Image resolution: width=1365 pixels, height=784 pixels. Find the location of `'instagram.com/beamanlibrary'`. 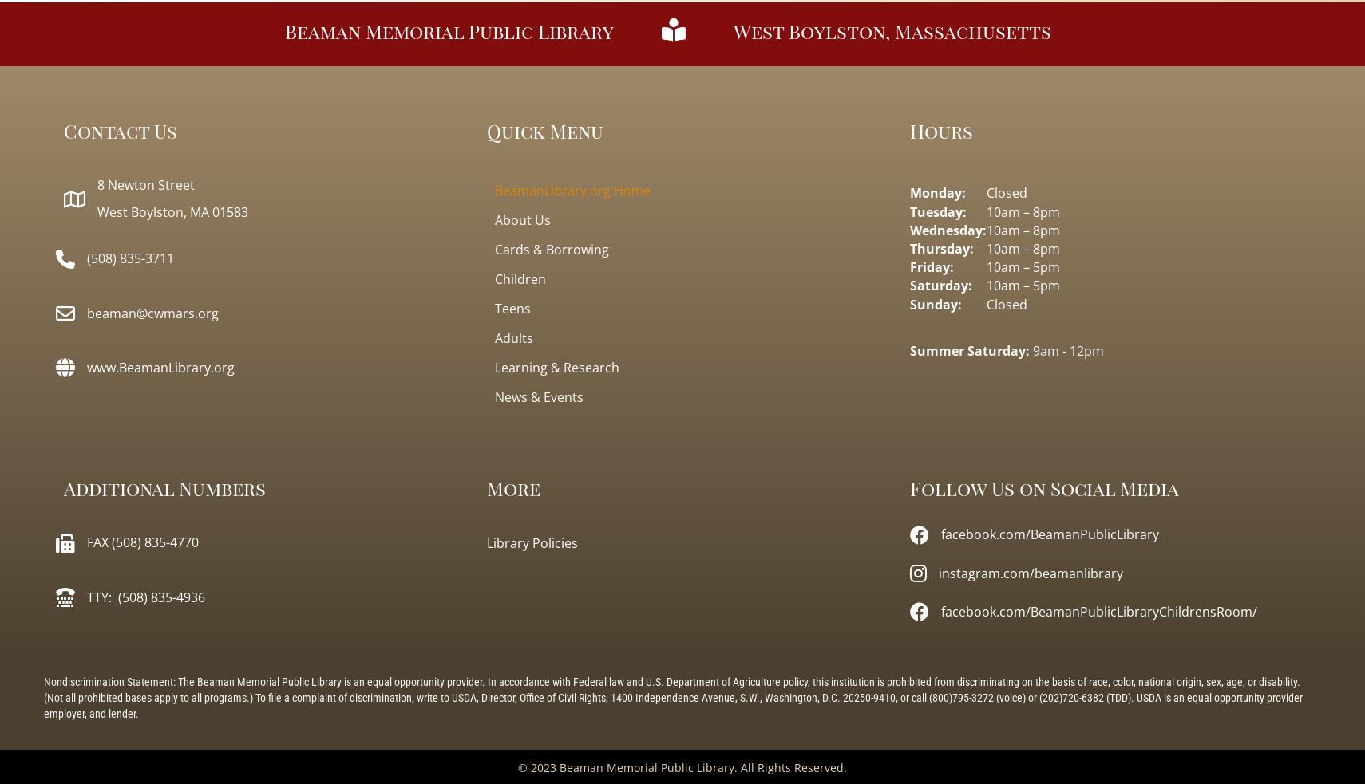

'instagram.com/beamanlibrary' is located at coordinates (1030, 571).